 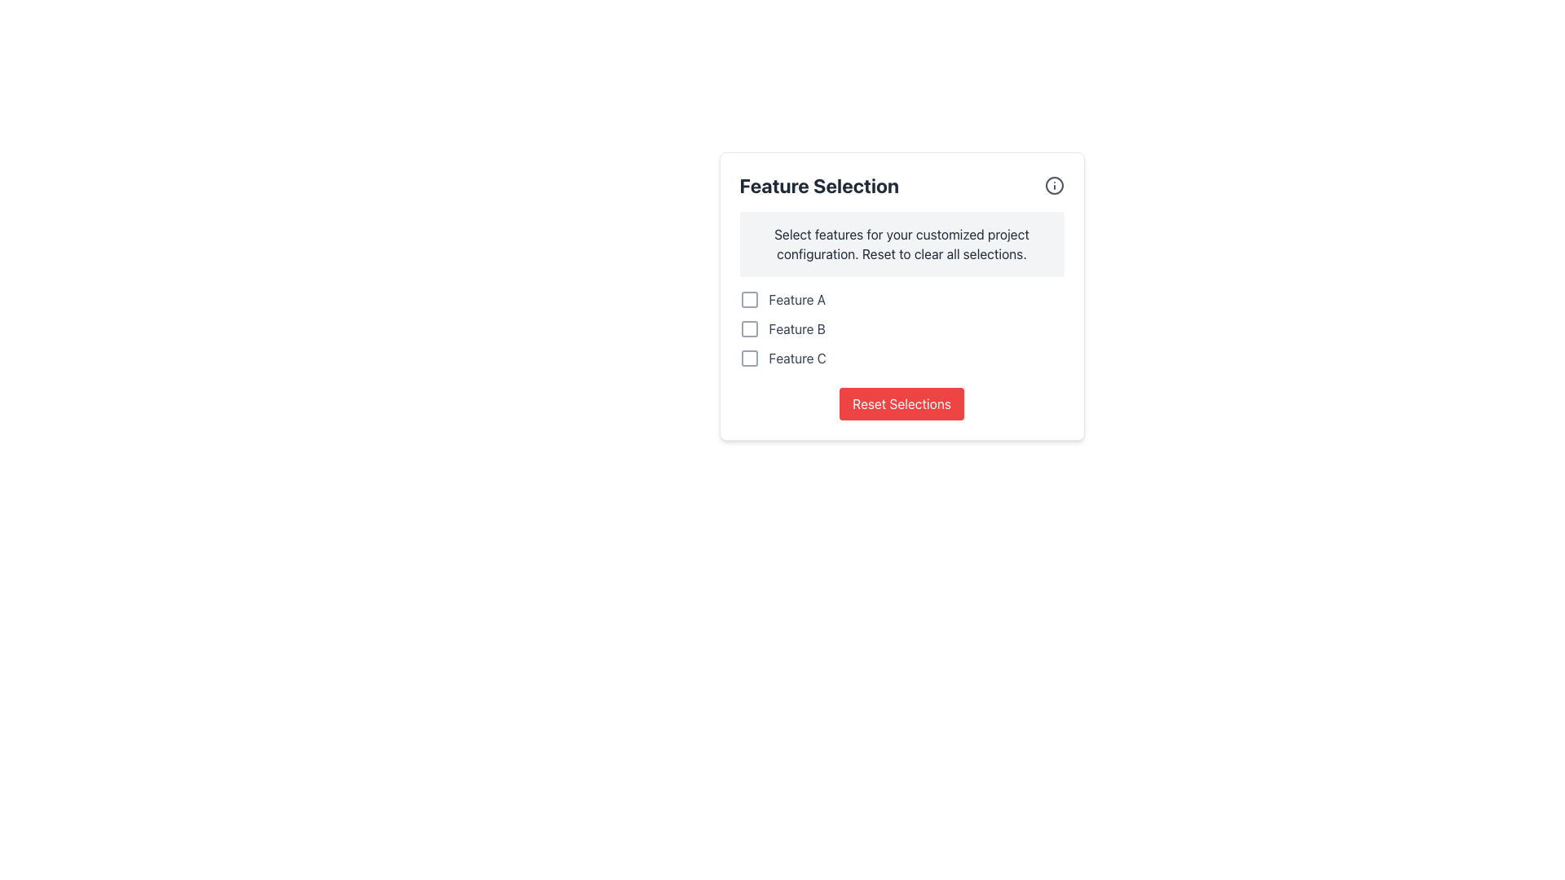 I want to click on the checkbox square located within the 24x24 icon frame to indicate focus, which is positioned to the left of the text label 'Feature A', so click(x=748, y=299).